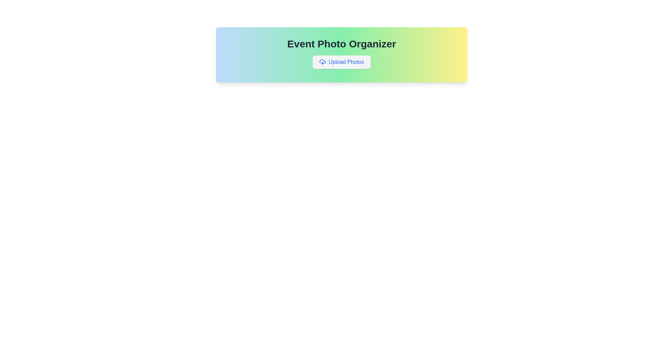  I want to click on the SVG-based icon located on the left side of the 'Upload Photos' button, which is centrally positioned under the 'Event Photo Organizer' header, so click(322, 62).